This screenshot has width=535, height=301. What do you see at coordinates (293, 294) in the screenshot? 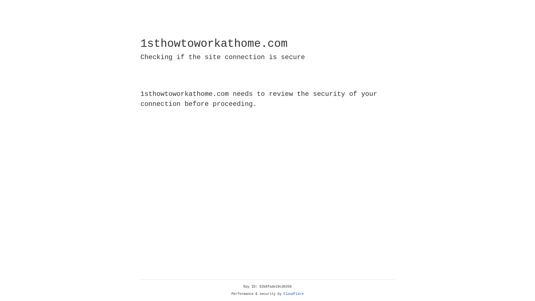
I see `'Cloudflare'` at bounding box center [293, 294].